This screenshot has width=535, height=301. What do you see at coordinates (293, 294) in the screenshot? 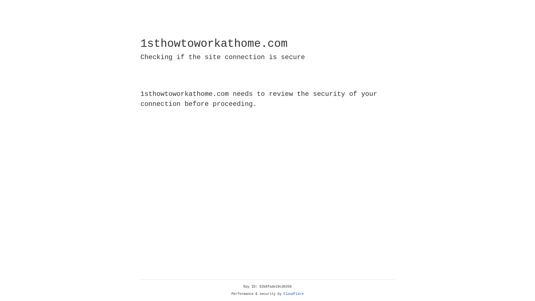
I see `'Cloudflare'` at bounding box center [293, 294].